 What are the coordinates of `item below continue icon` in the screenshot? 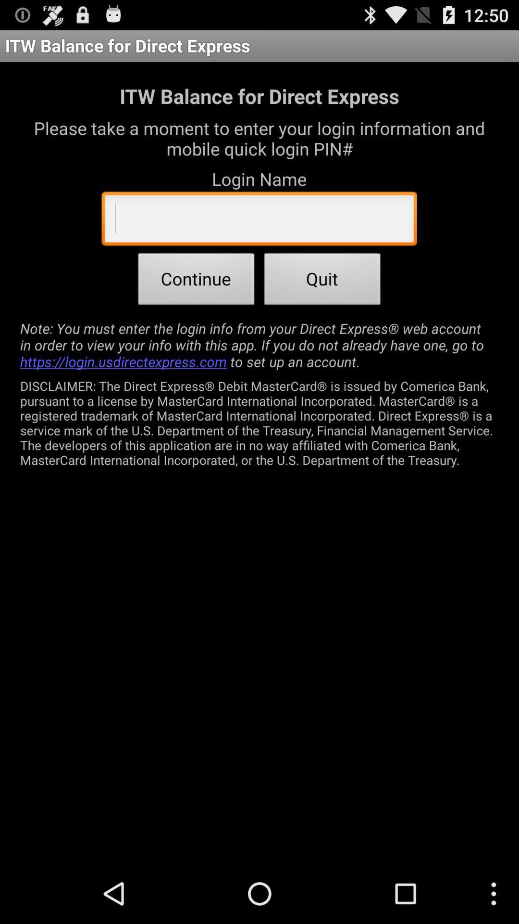 It's located at (259, 345).